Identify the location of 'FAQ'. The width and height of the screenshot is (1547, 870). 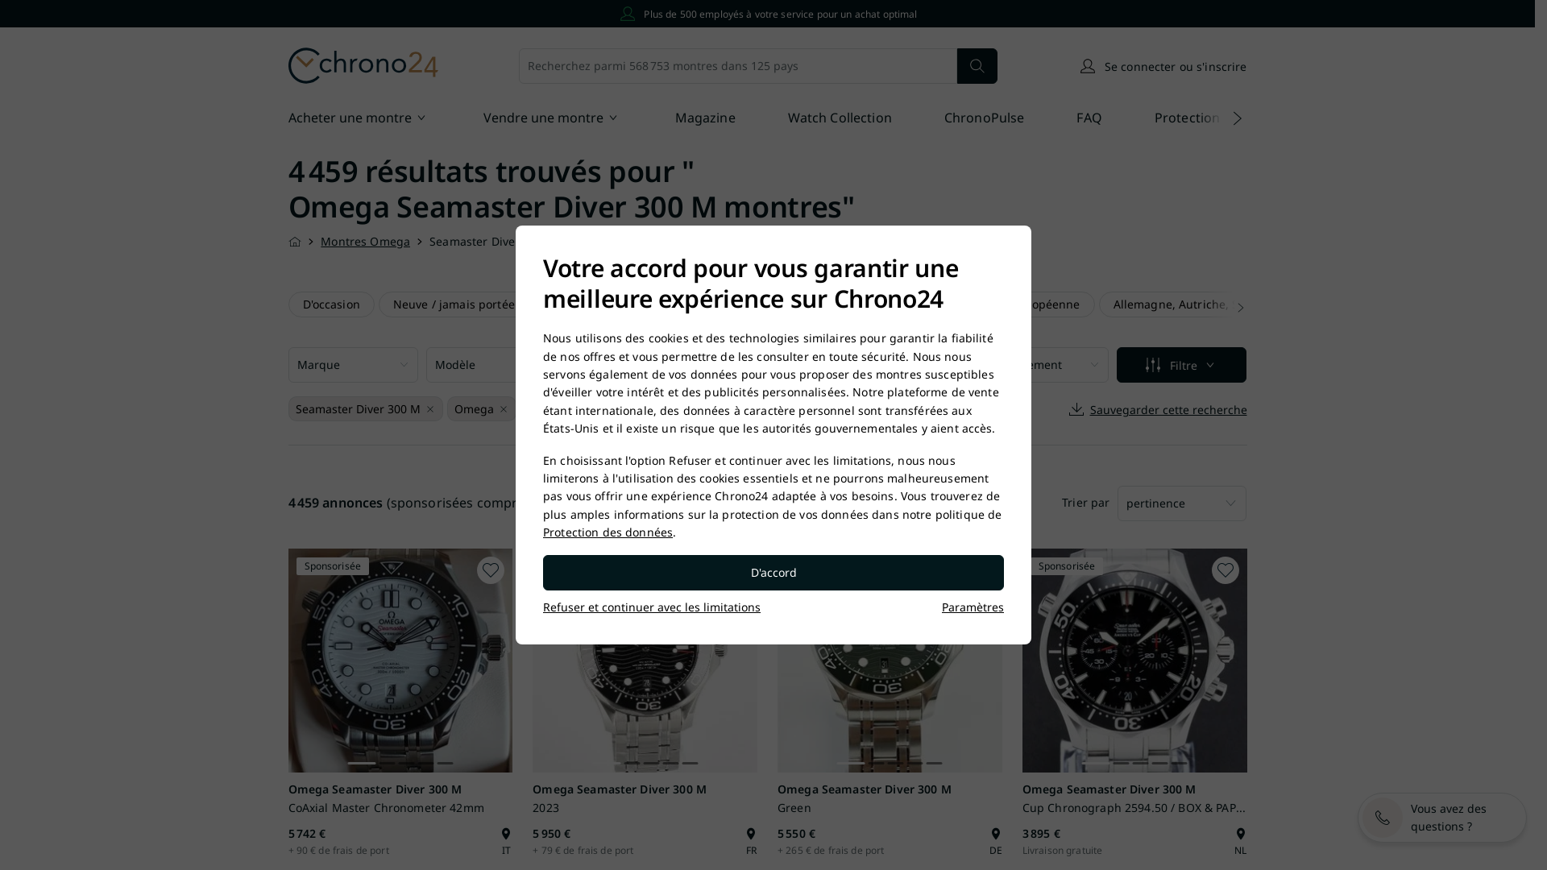
(1089, 118).